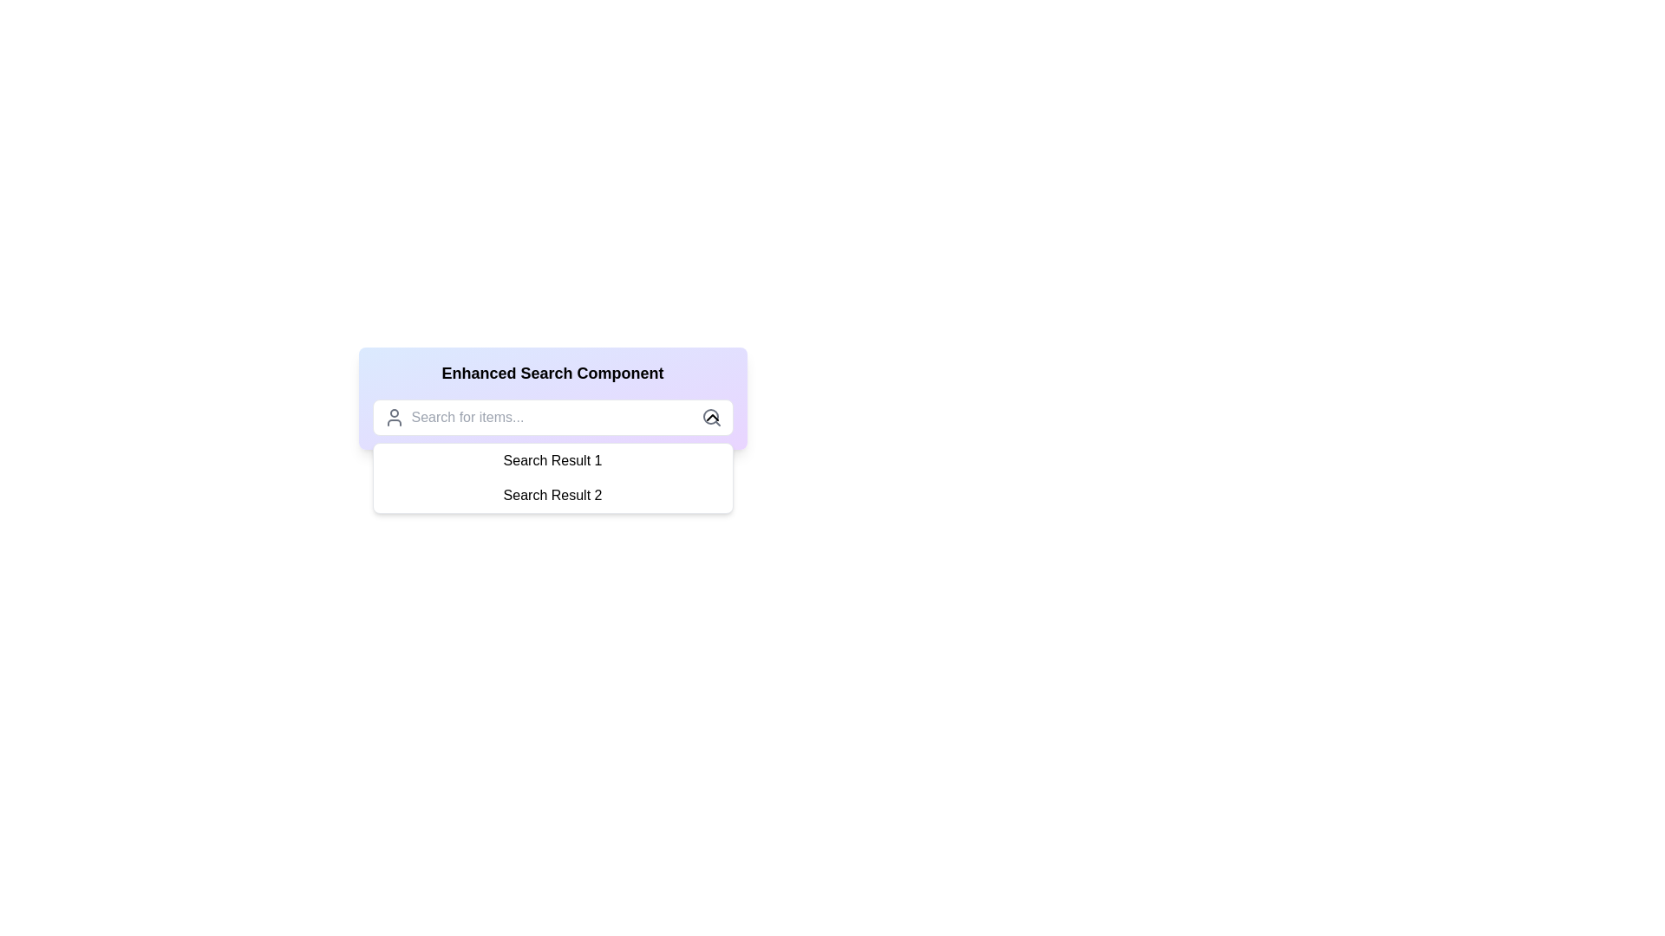 This screenshot has height=936, width=1665. Describe the element at coordinates (552, 495) in the screenshot. I see `the second text entry in the dropdown list under 'Search Result 1' to change its background color` at that location.